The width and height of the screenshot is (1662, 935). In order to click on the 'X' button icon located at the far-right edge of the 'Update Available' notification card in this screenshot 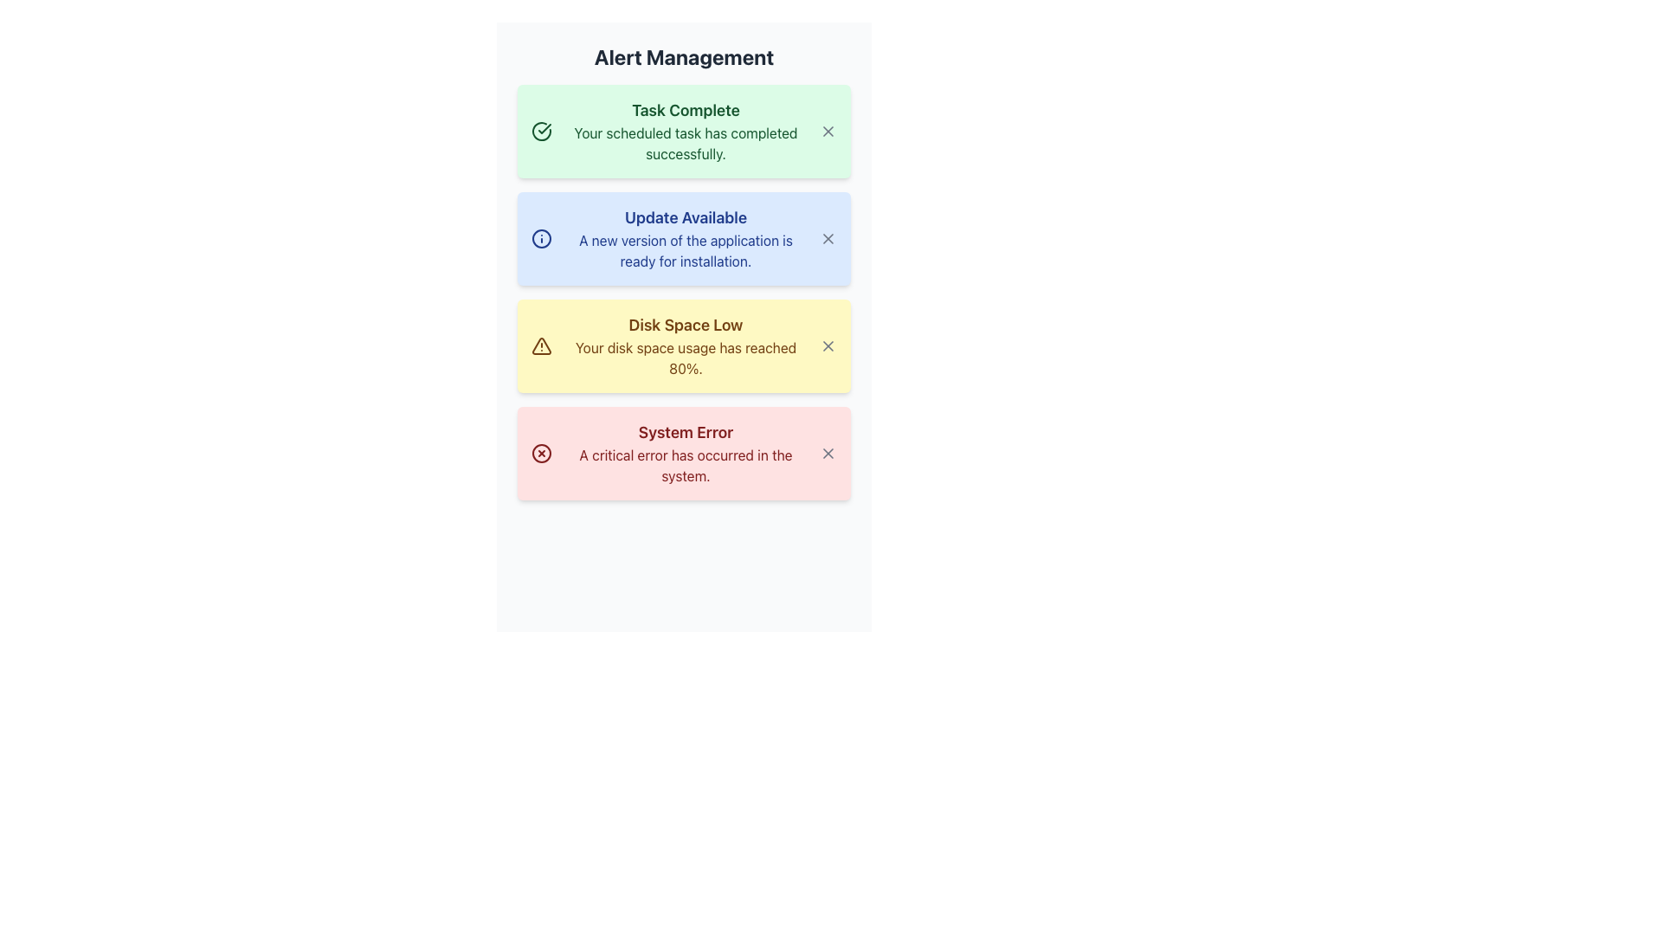, I will do `click(827, 239)`.